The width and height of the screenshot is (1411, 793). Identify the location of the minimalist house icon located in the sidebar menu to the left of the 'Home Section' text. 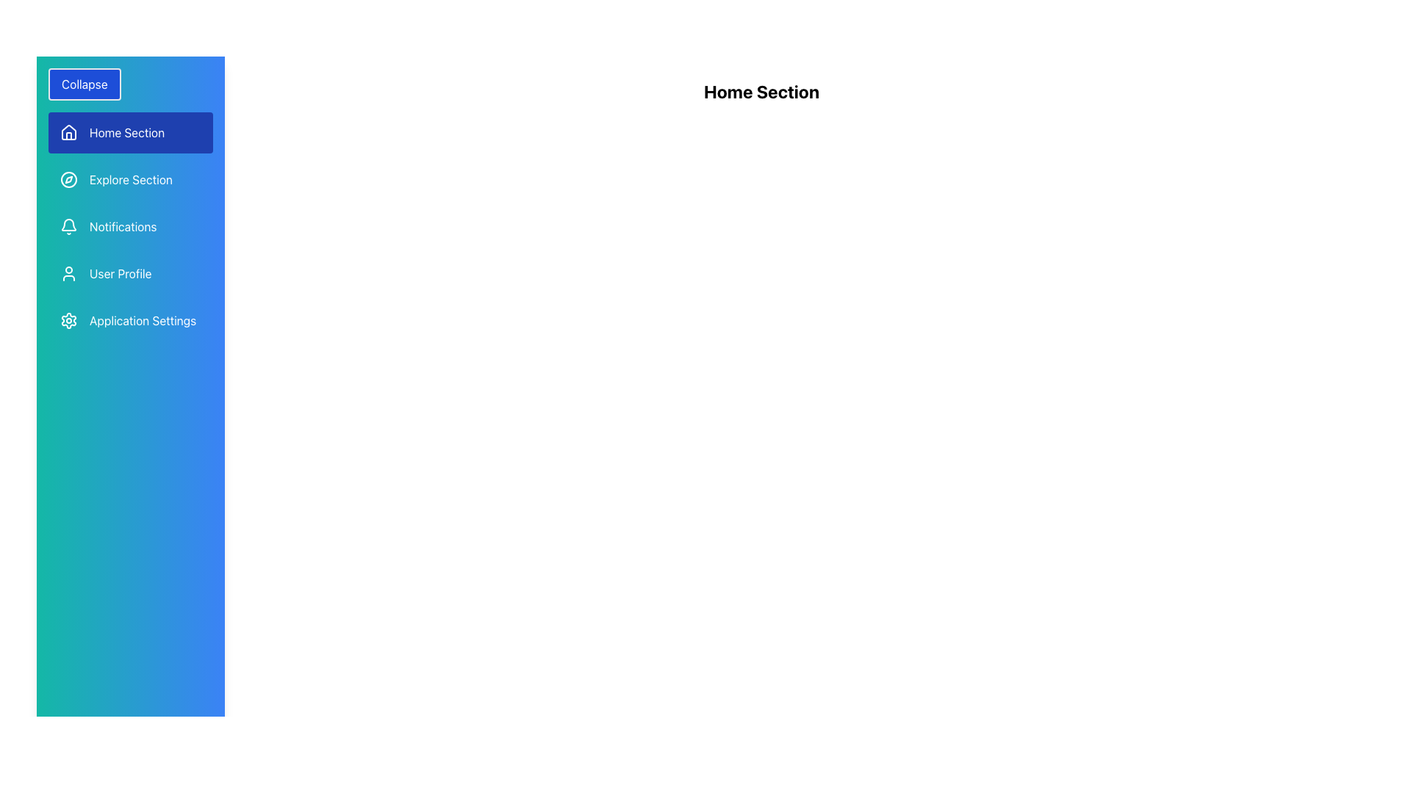
(68, 133).